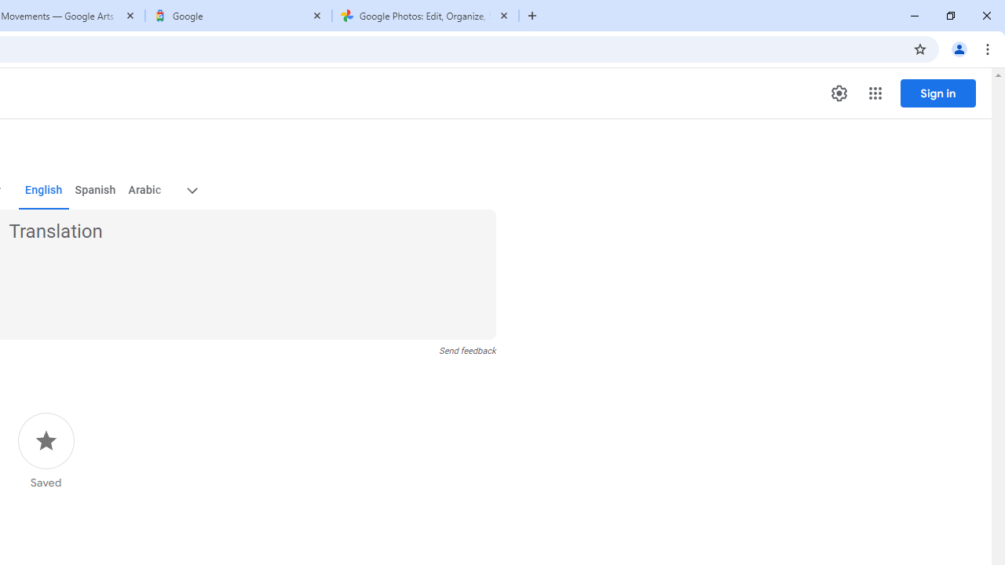 This screenshot has width=1005, height=565. I want to click on 'Send feedback', so click(466, 350).